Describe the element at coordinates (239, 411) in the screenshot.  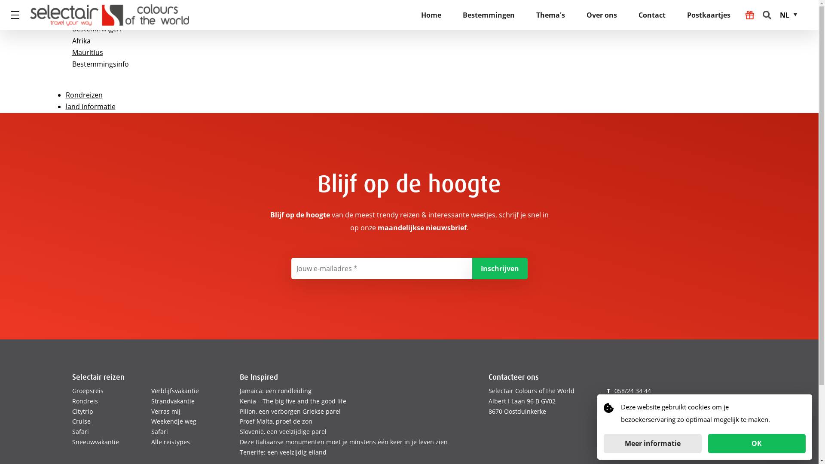
I see `'Pilion, een verborgen Griekse parel'` at that location.